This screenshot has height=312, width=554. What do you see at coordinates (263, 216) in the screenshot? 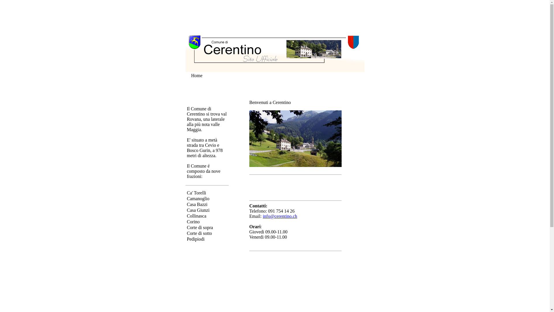
I see `'info@cerentino.ch'` at bounding box center [263, 216].